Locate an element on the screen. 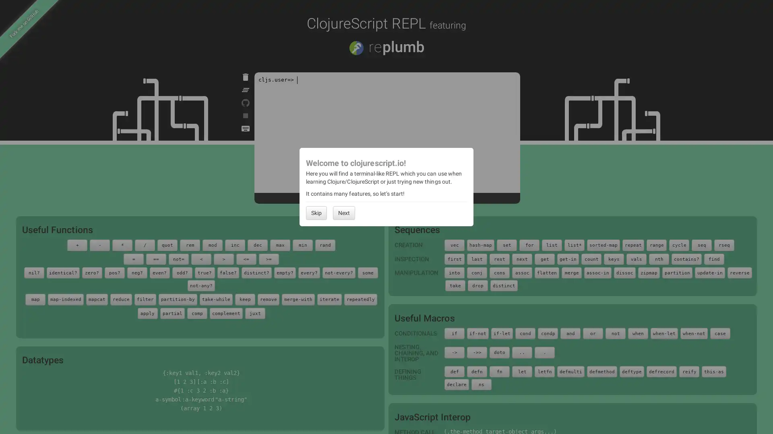 This screenshot has height=434, width=773. count is located at coordinates (591, 259).